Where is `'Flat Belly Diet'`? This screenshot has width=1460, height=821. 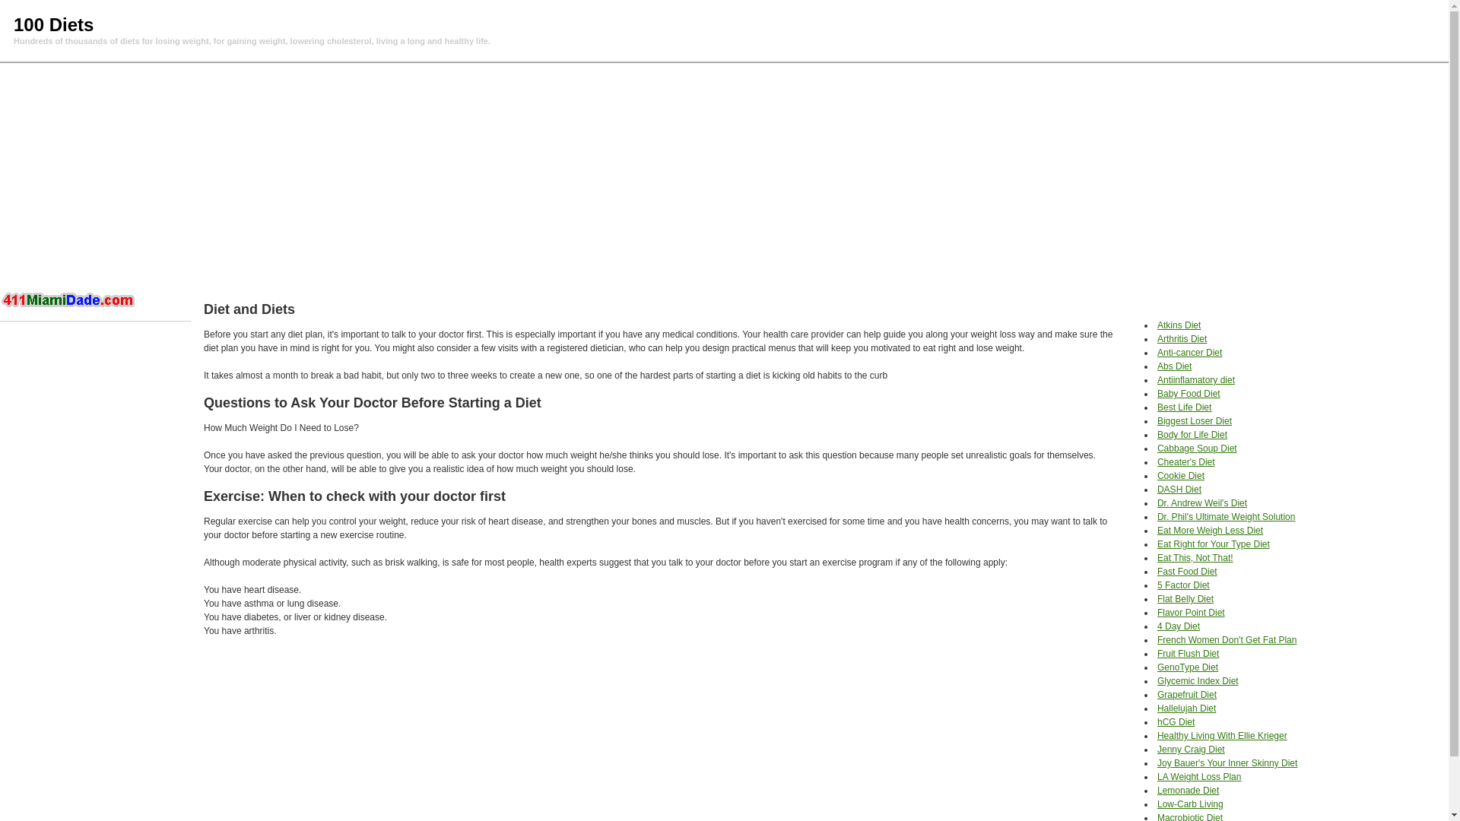 'Flat Belly Diet' is located at coordinates (1185, 598).